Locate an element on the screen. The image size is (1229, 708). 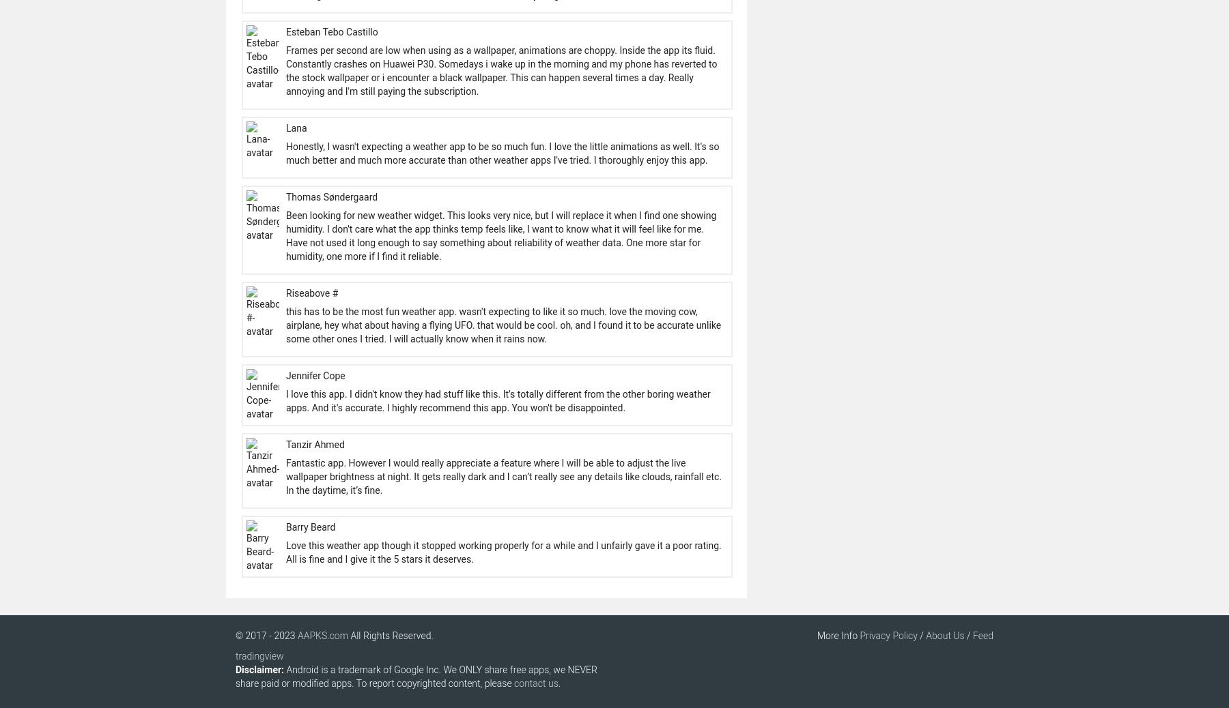
'Android is a trademark of Google Inc. We ONLY share free apps, we NEVER share paid or modified apps. To report copyrighted content, please' is located at coordinates (416, 677).